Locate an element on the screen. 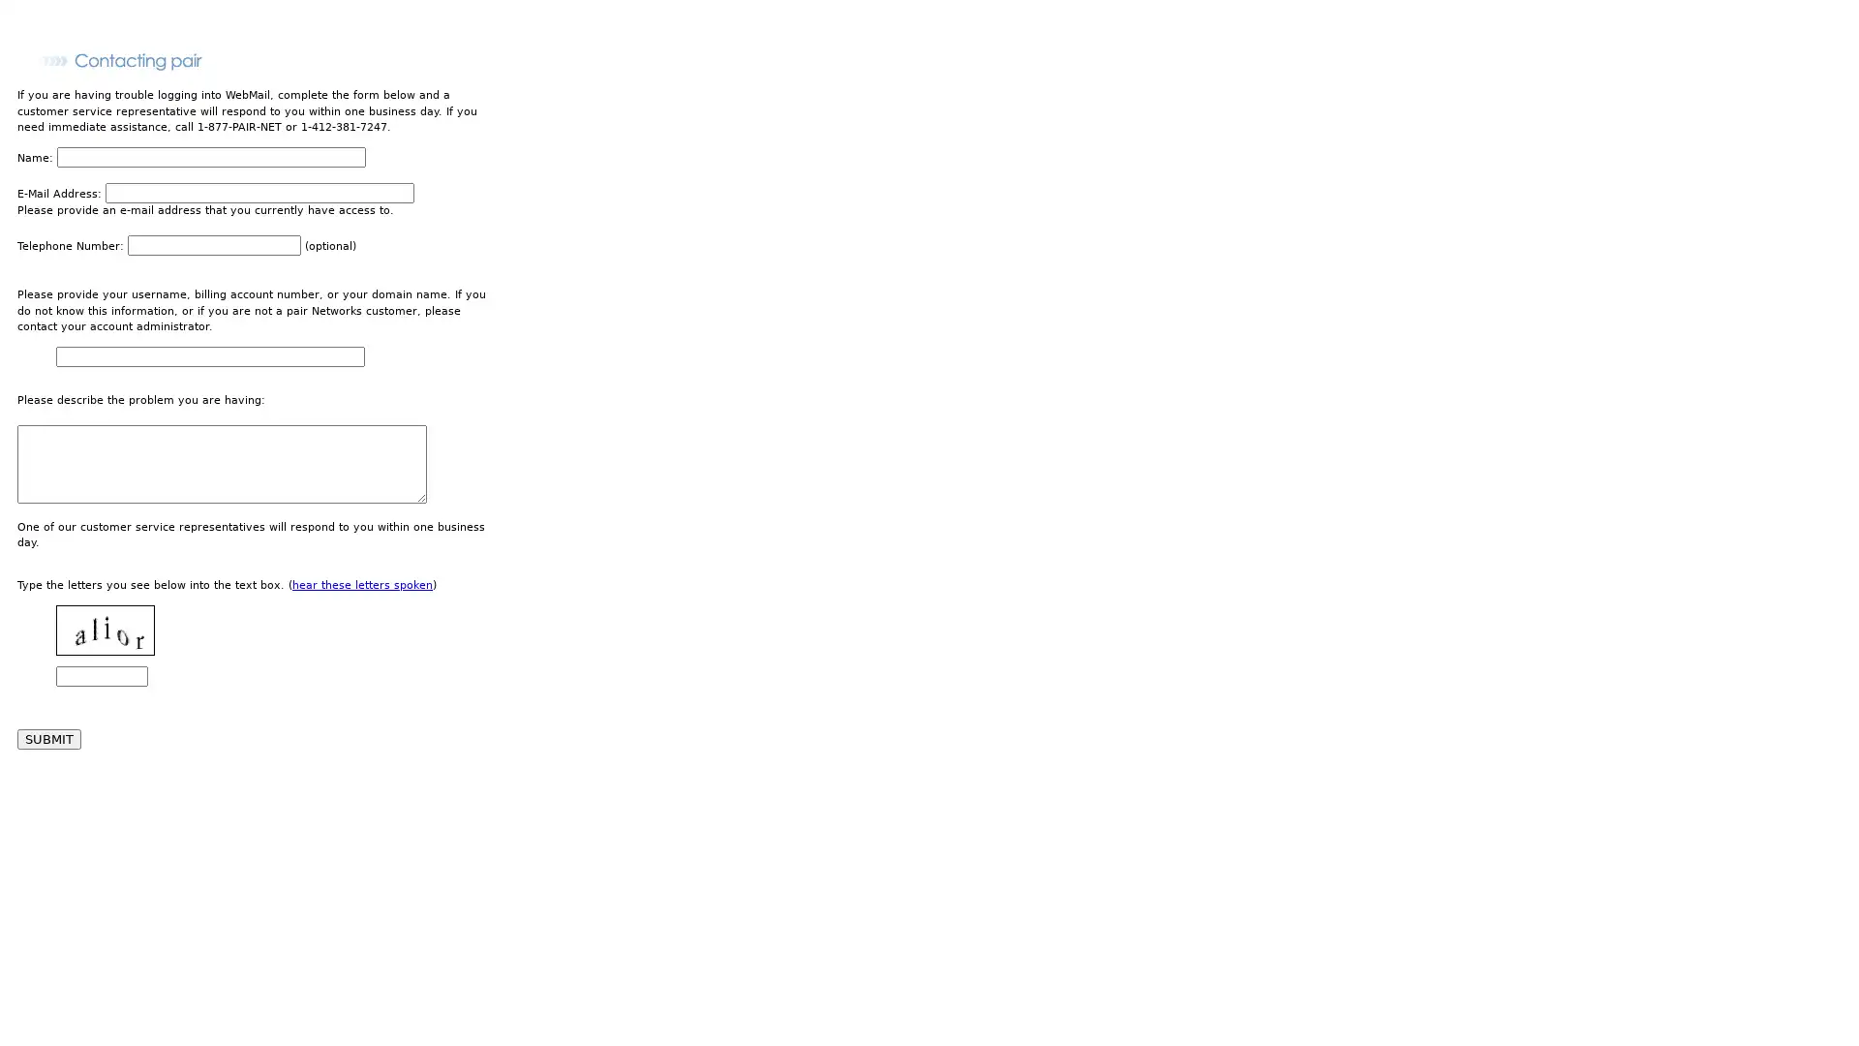  SUBMIT is located at coordinates (49, 738).